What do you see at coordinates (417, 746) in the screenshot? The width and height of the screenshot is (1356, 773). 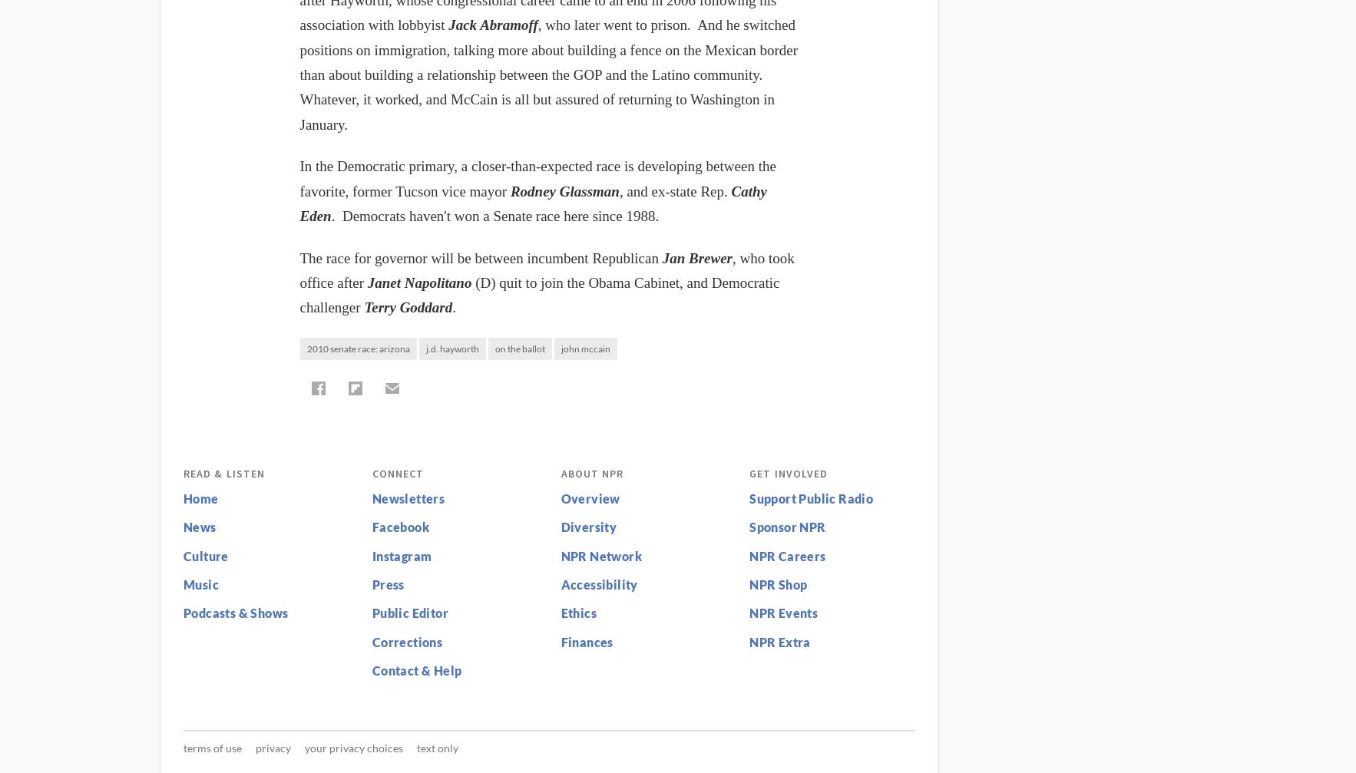 I see `'Text Only'` at bounding box center [417, 746].